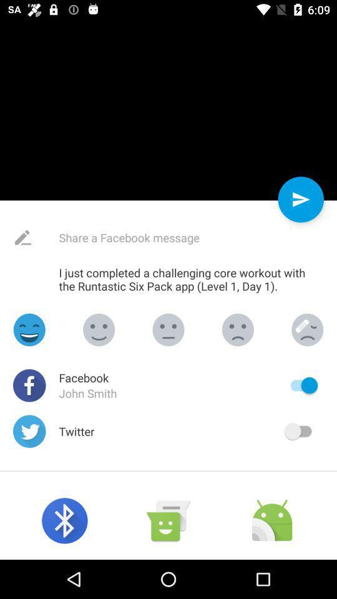  What do you see at coordinates (168, 329) in the screenshot?
I see `the emoji icon` at bounding box center [168, 329].